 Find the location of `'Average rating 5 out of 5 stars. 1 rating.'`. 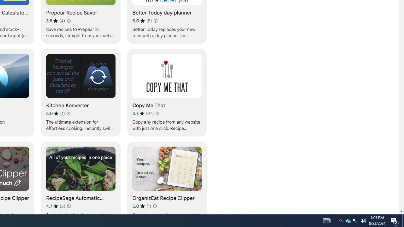

'Average rating 5 out of 5 stars. 1 rating.' is located at coordinates (141, 206).